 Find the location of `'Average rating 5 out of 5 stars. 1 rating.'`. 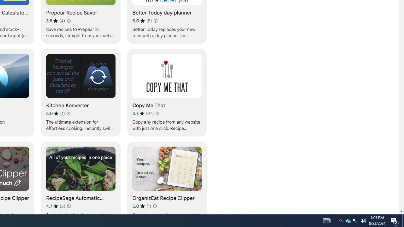

'Average rating 5 out of 5 stars. 1 rating.' is located at coordinates (141, 206).